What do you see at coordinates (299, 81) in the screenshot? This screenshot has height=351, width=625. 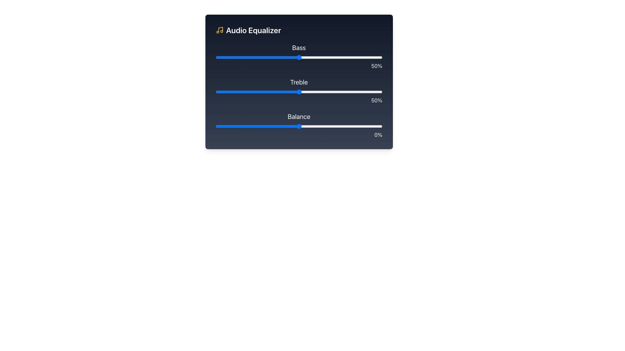 I see `the labels of the interactive control panel` at bounding box center [299, 81].